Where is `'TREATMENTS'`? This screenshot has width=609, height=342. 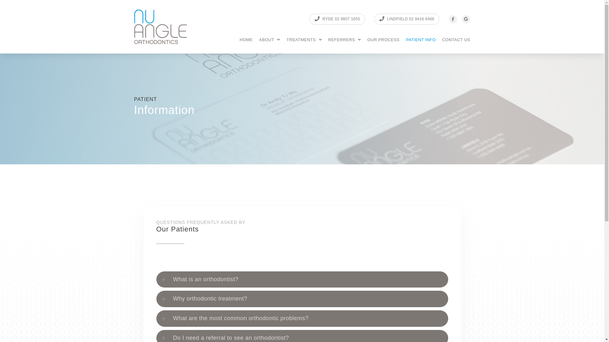 'TREATMENTS' is located at coordinates (304, 40).